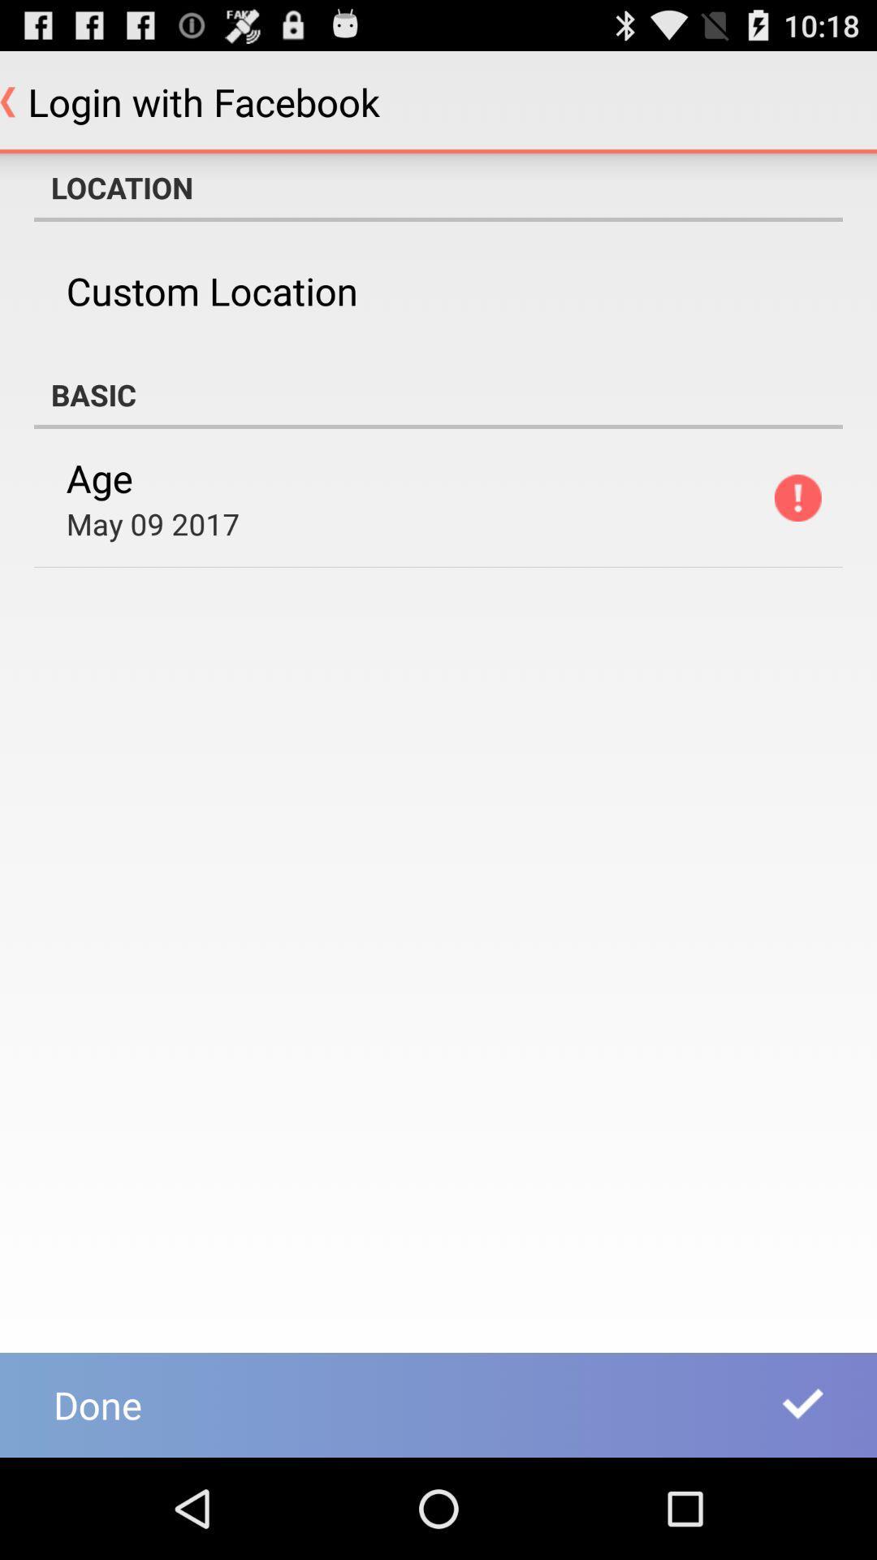 The width and height of the screenshot is (877, 1560). I want to click on custom location icon, so click(211, 291).